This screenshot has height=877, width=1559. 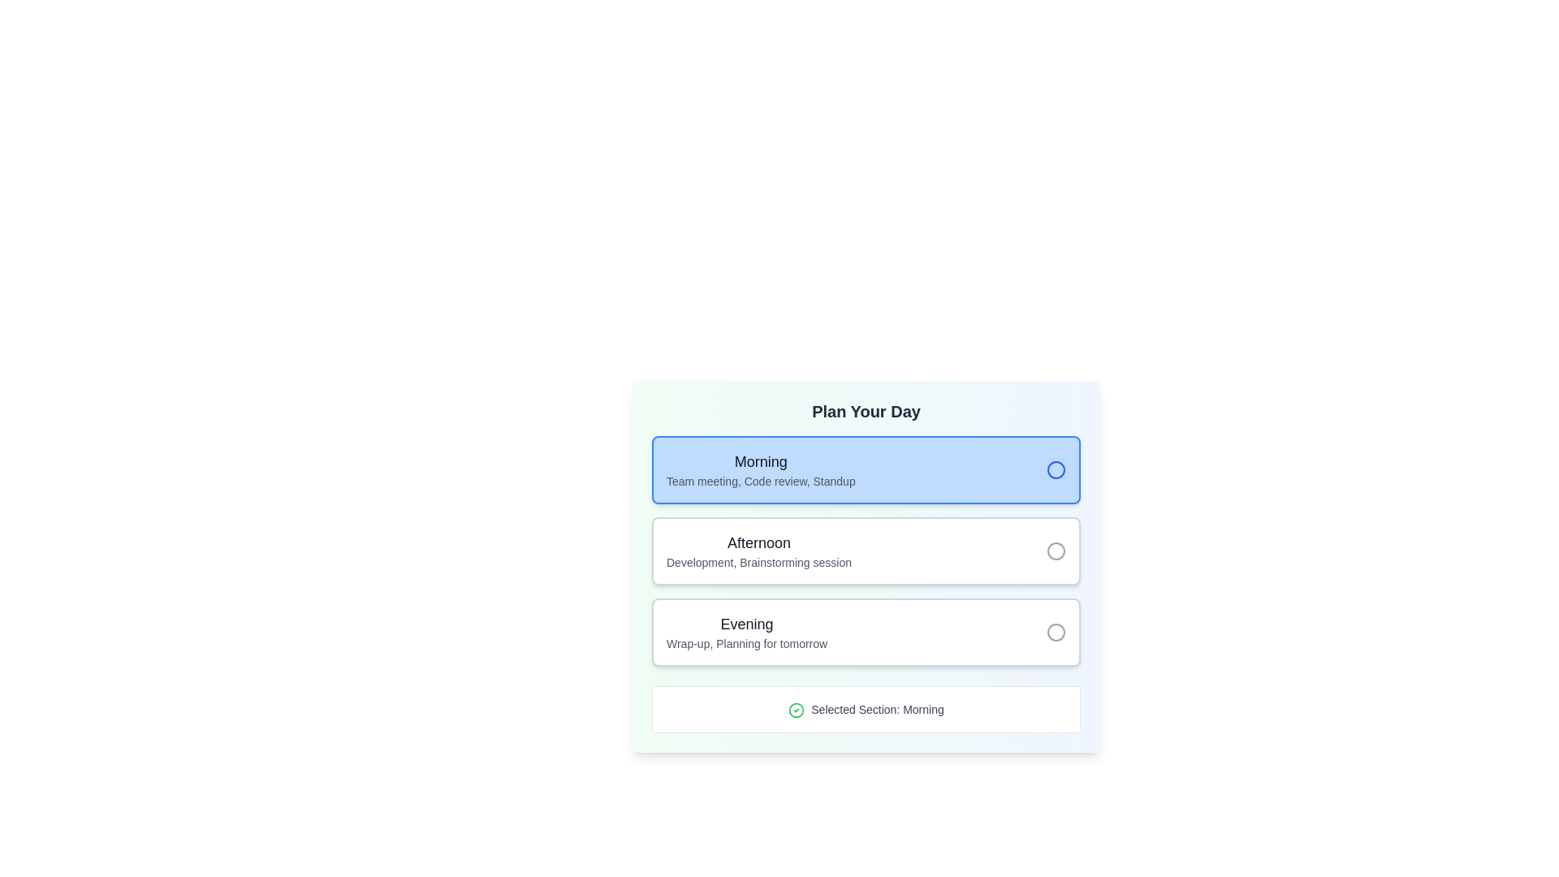 What do you see at coordinates (746, 623) in the screenshot?
I see `the 'Evening' text label, which serves as a header for a specific time slot in the daily planning interface` at bounding box center [746, 623].